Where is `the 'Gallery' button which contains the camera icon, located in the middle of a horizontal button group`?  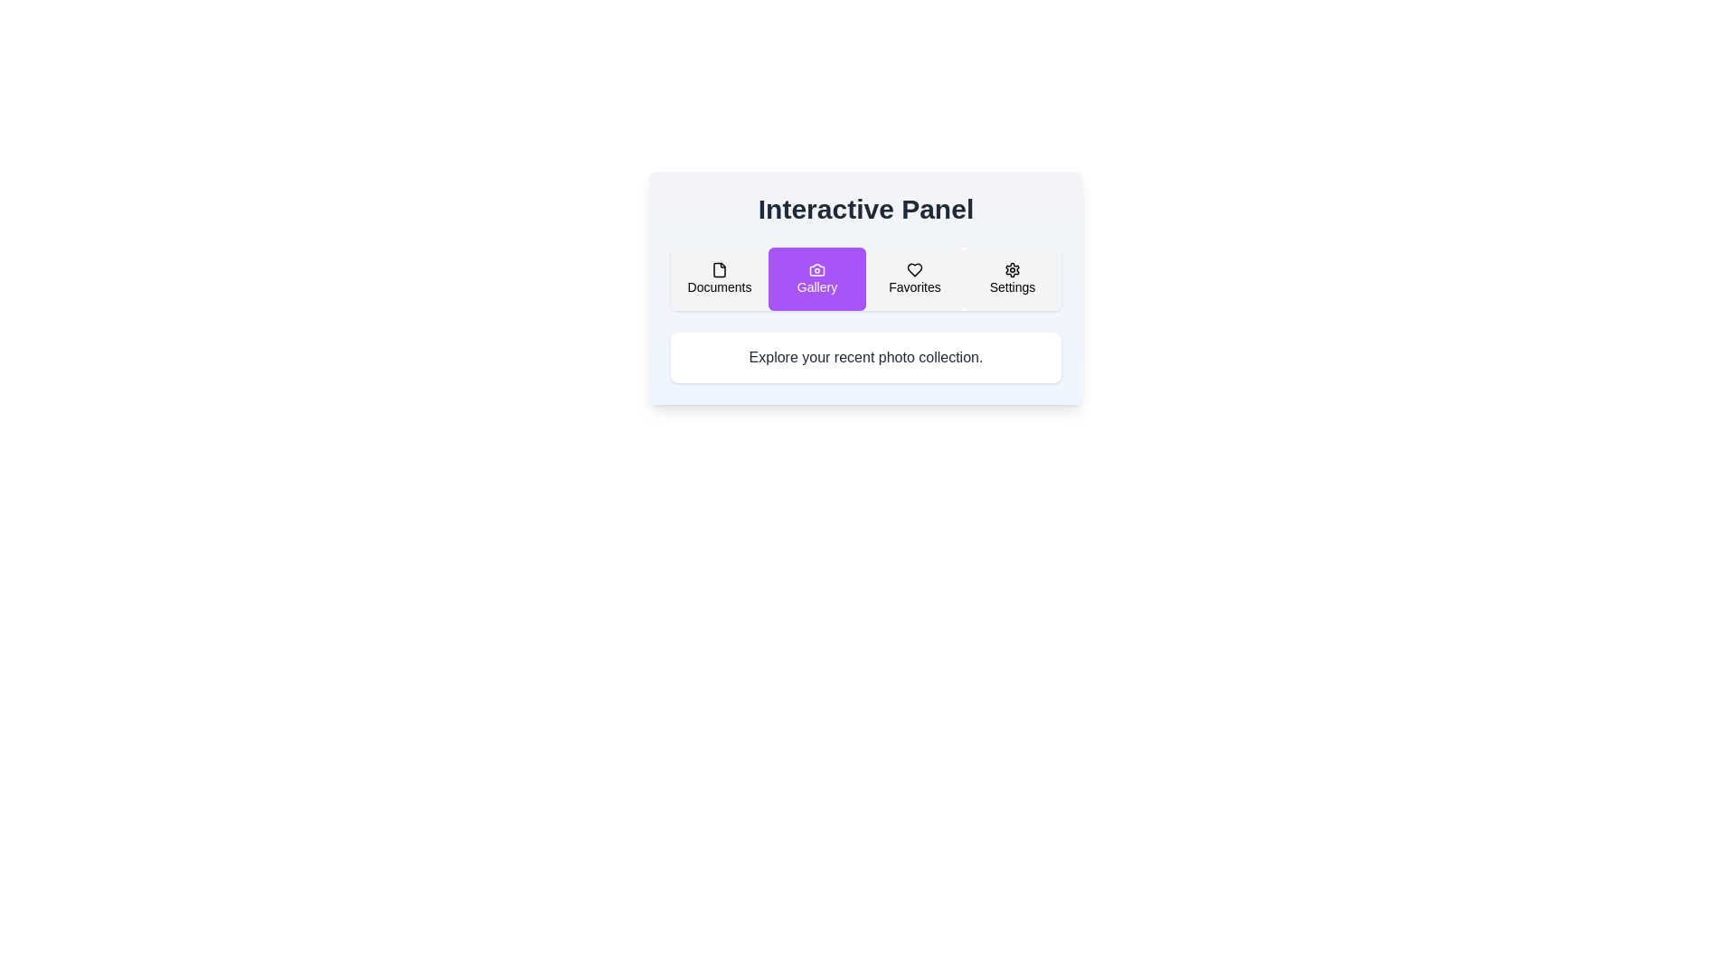 the 'Gallery' button which contains the camera icon, located in the middle of a horizontal button group is located at coordinates (816, 270).